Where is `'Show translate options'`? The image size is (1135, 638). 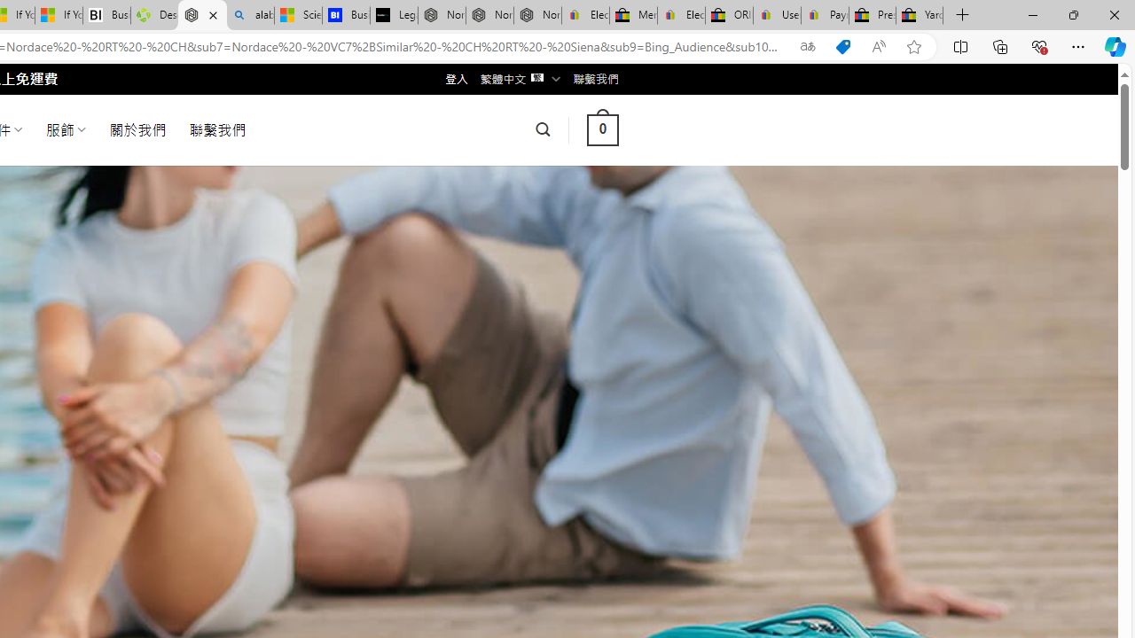 'Show translate options' is located at coordinates (806, 46).